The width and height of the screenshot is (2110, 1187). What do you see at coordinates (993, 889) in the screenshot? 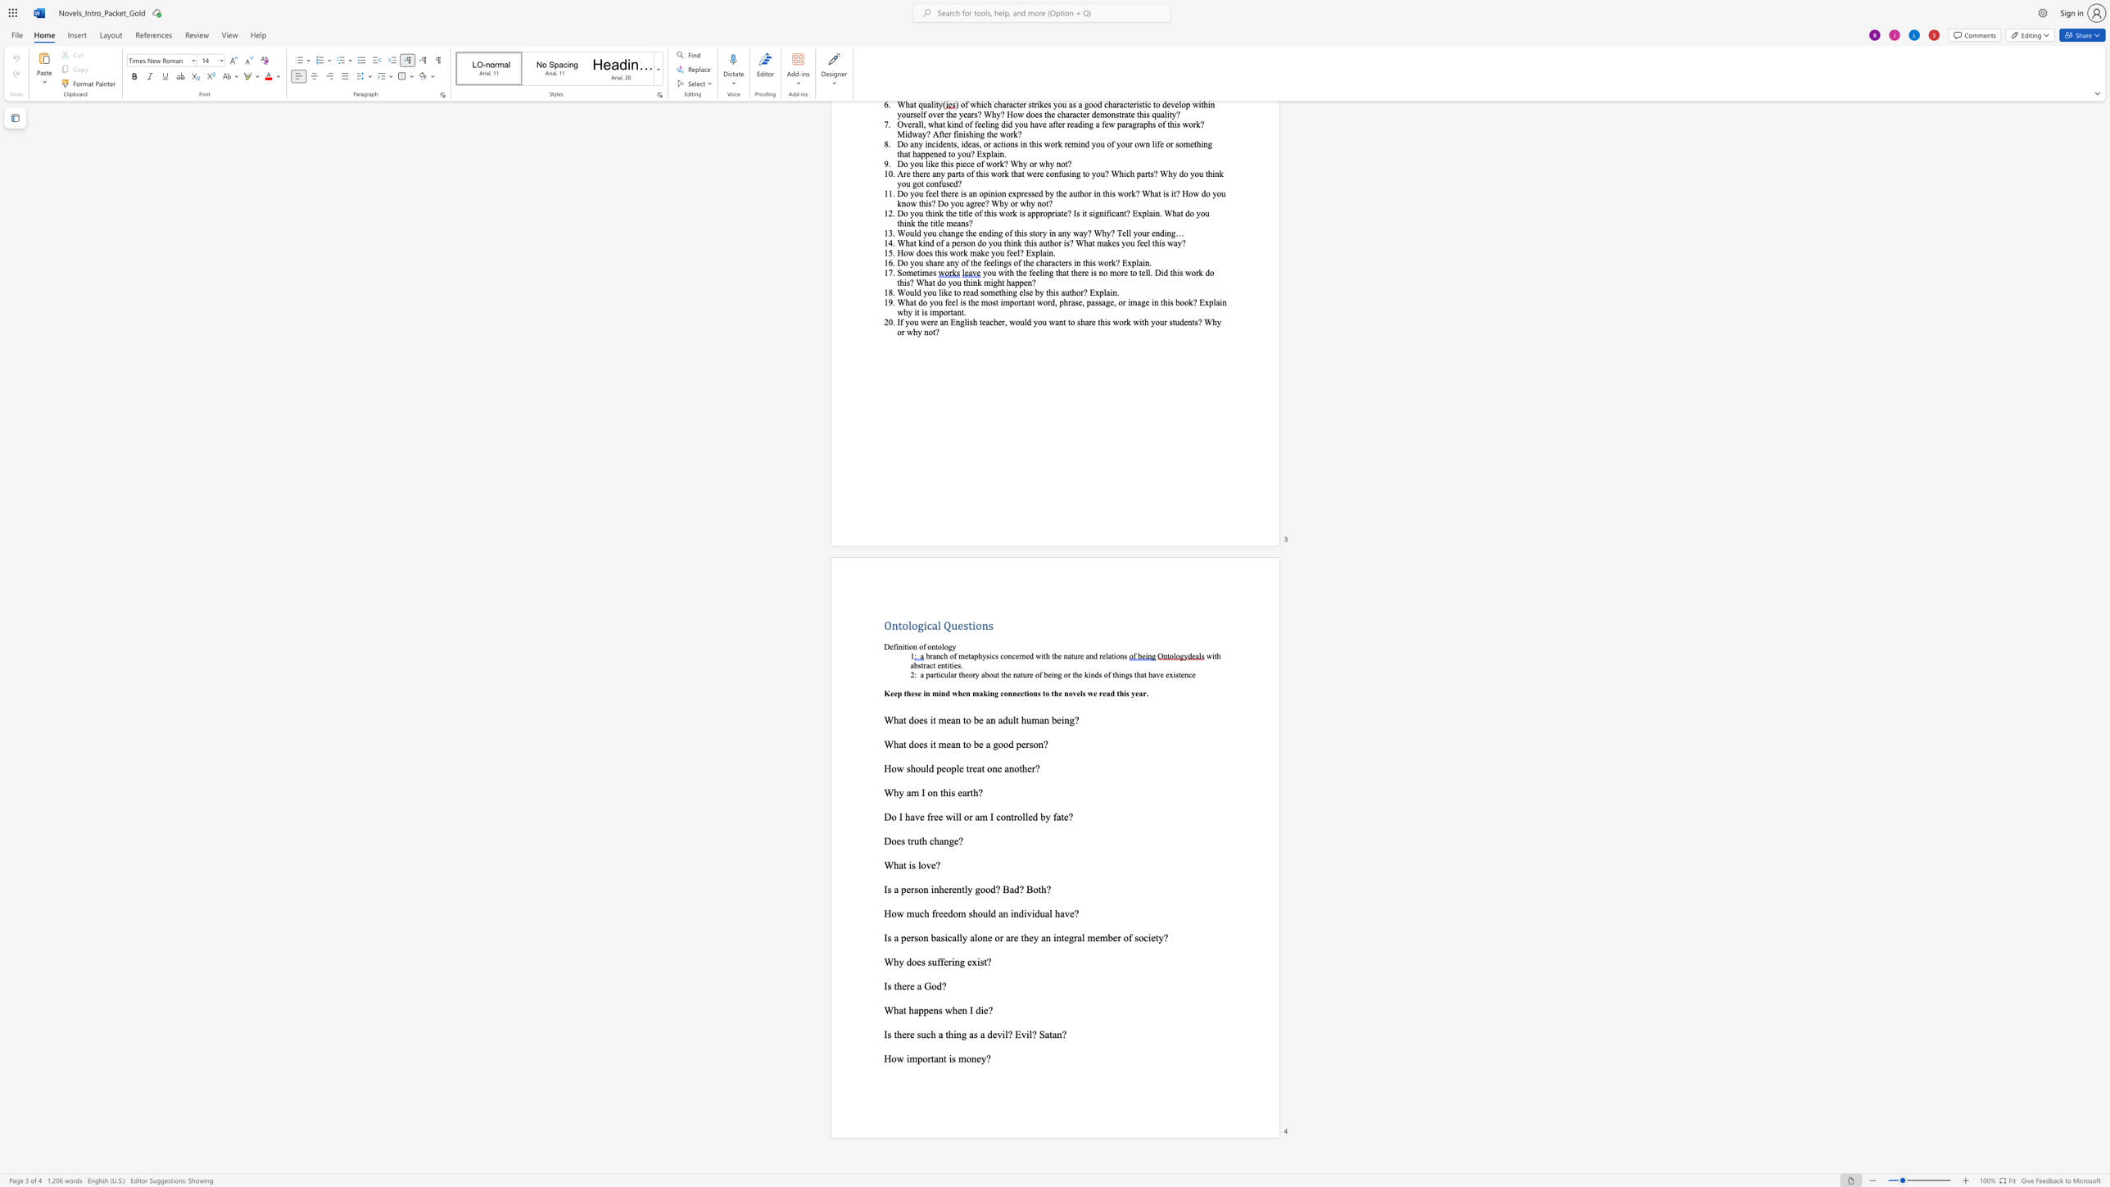
I see `the 1th character "d" in the text` at bounding box center [993, 889].